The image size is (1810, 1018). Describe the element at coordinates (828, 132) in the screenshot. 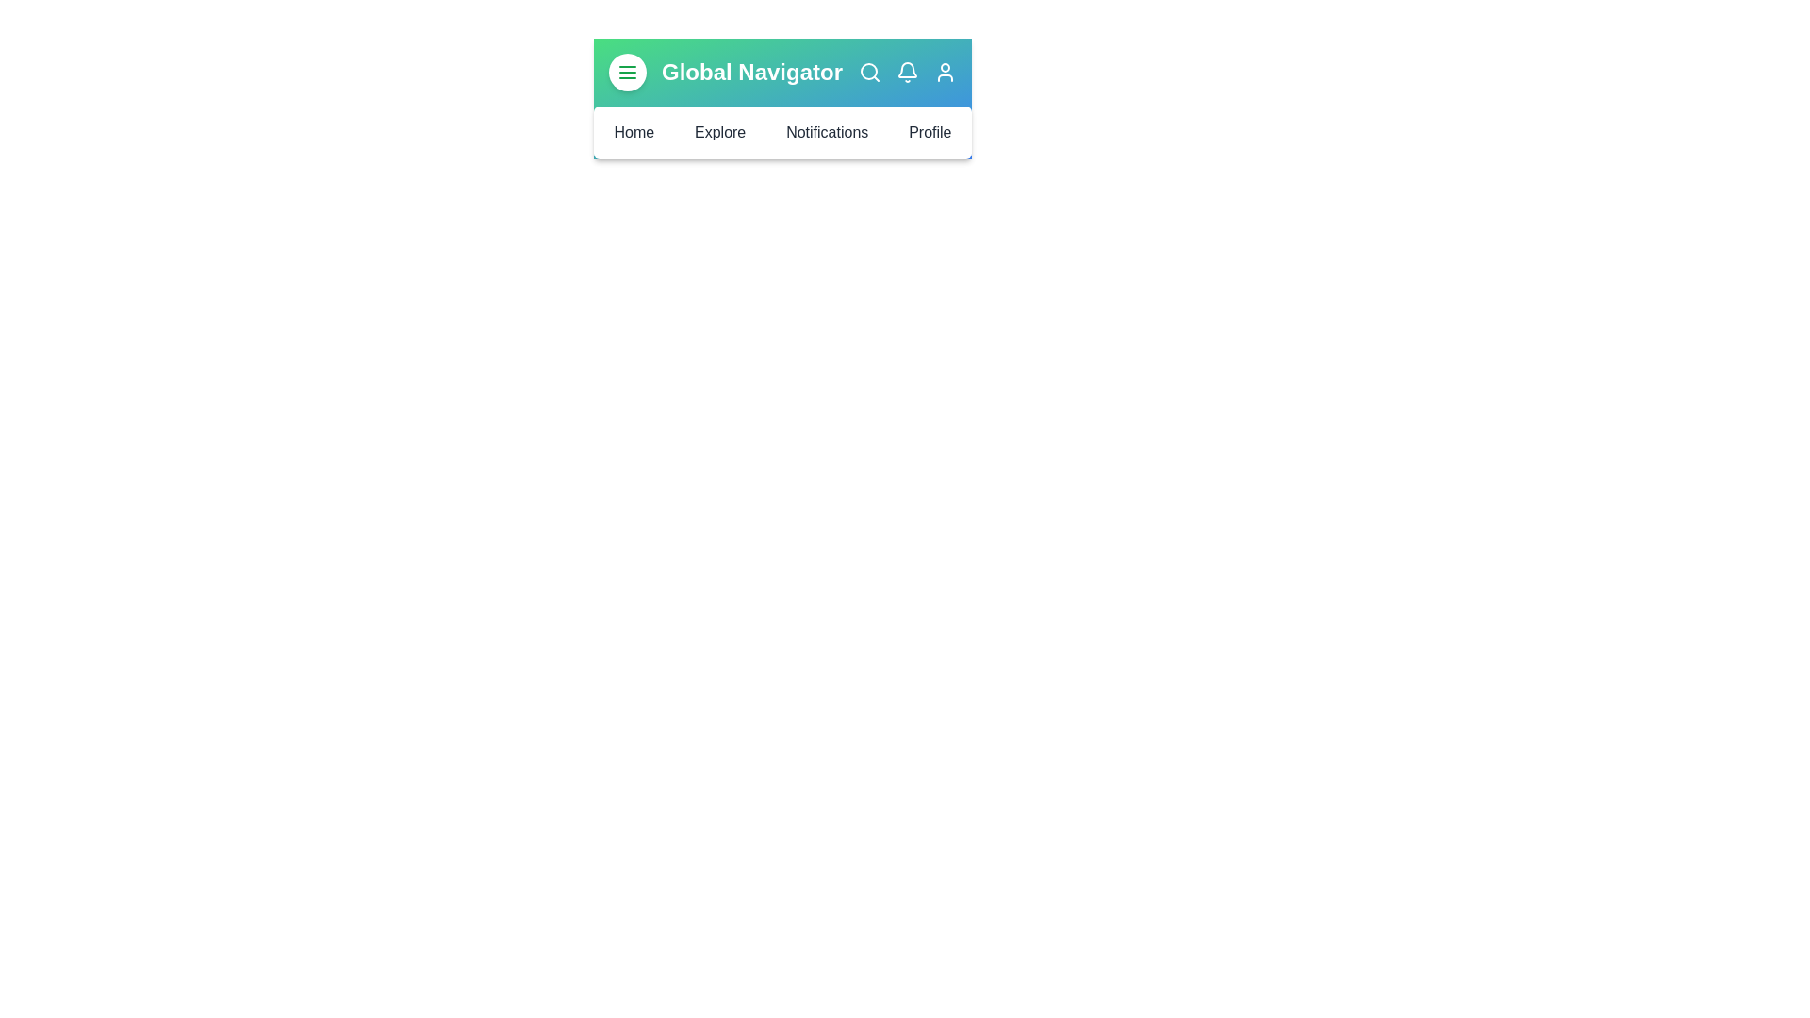

I see `the menu item Notifications to preview its interactive state` at that location.